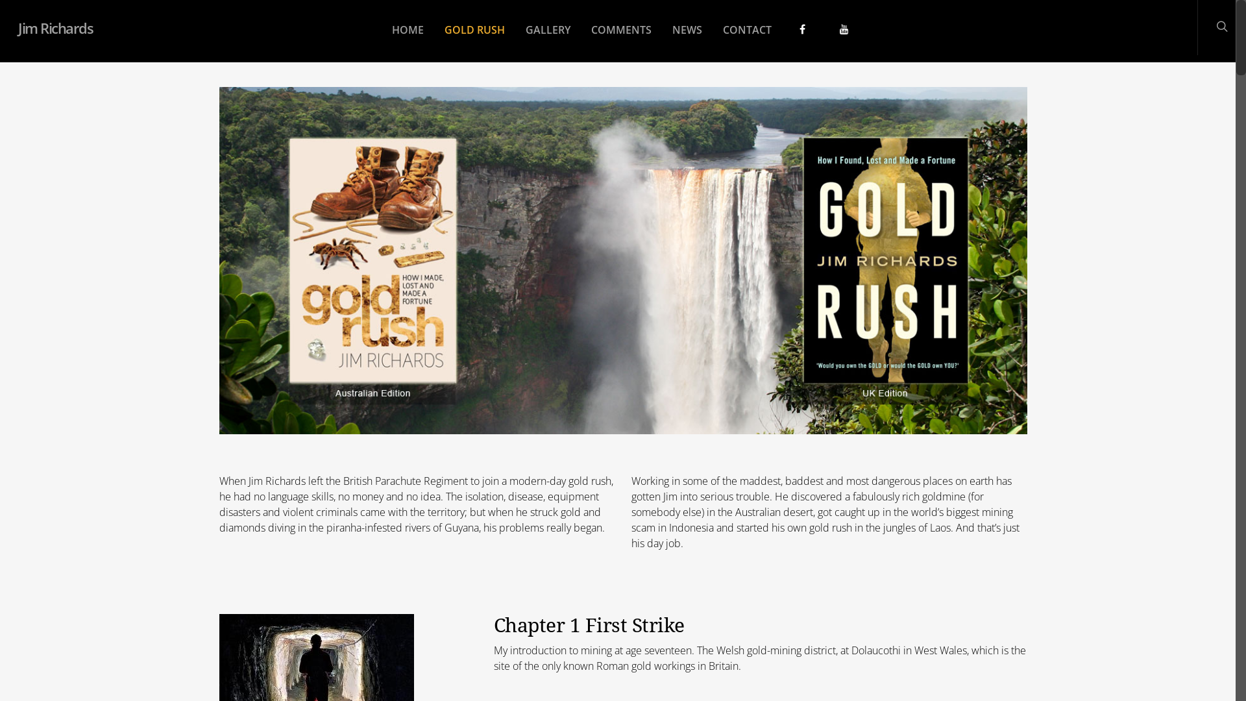  Describe the element at coordinates (55, 27) in the screenshot. I see `'Jim Richards'` at that location.